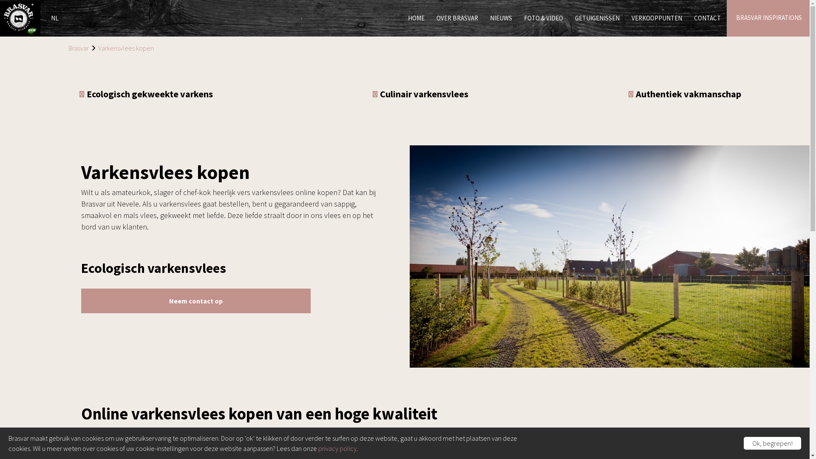  Describe the element at coordinates (54, 19) in the screenshot. I see `'NL'` at that location.